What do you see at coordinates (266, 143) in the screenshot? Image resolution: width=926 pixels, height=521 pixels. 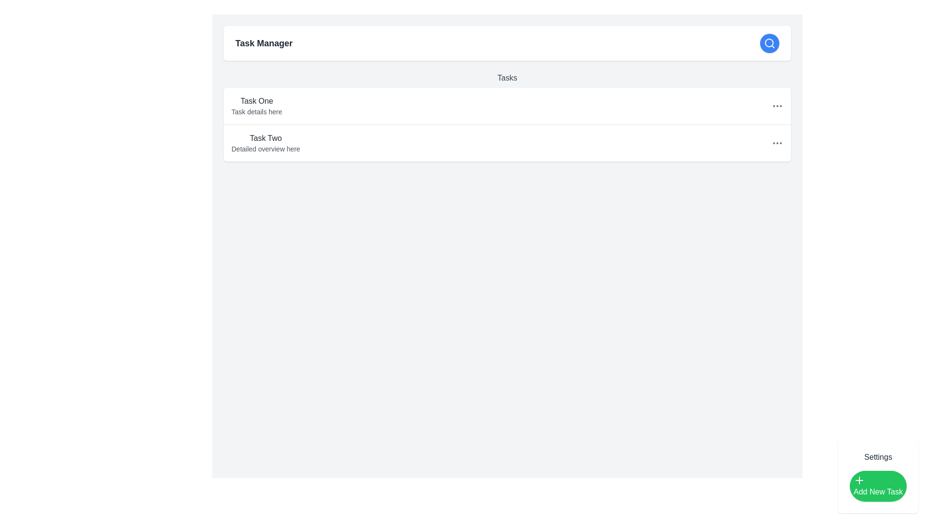 I see `the list item displaying the title 'Task Two' to get additional context` at bounding box center [266, 143].